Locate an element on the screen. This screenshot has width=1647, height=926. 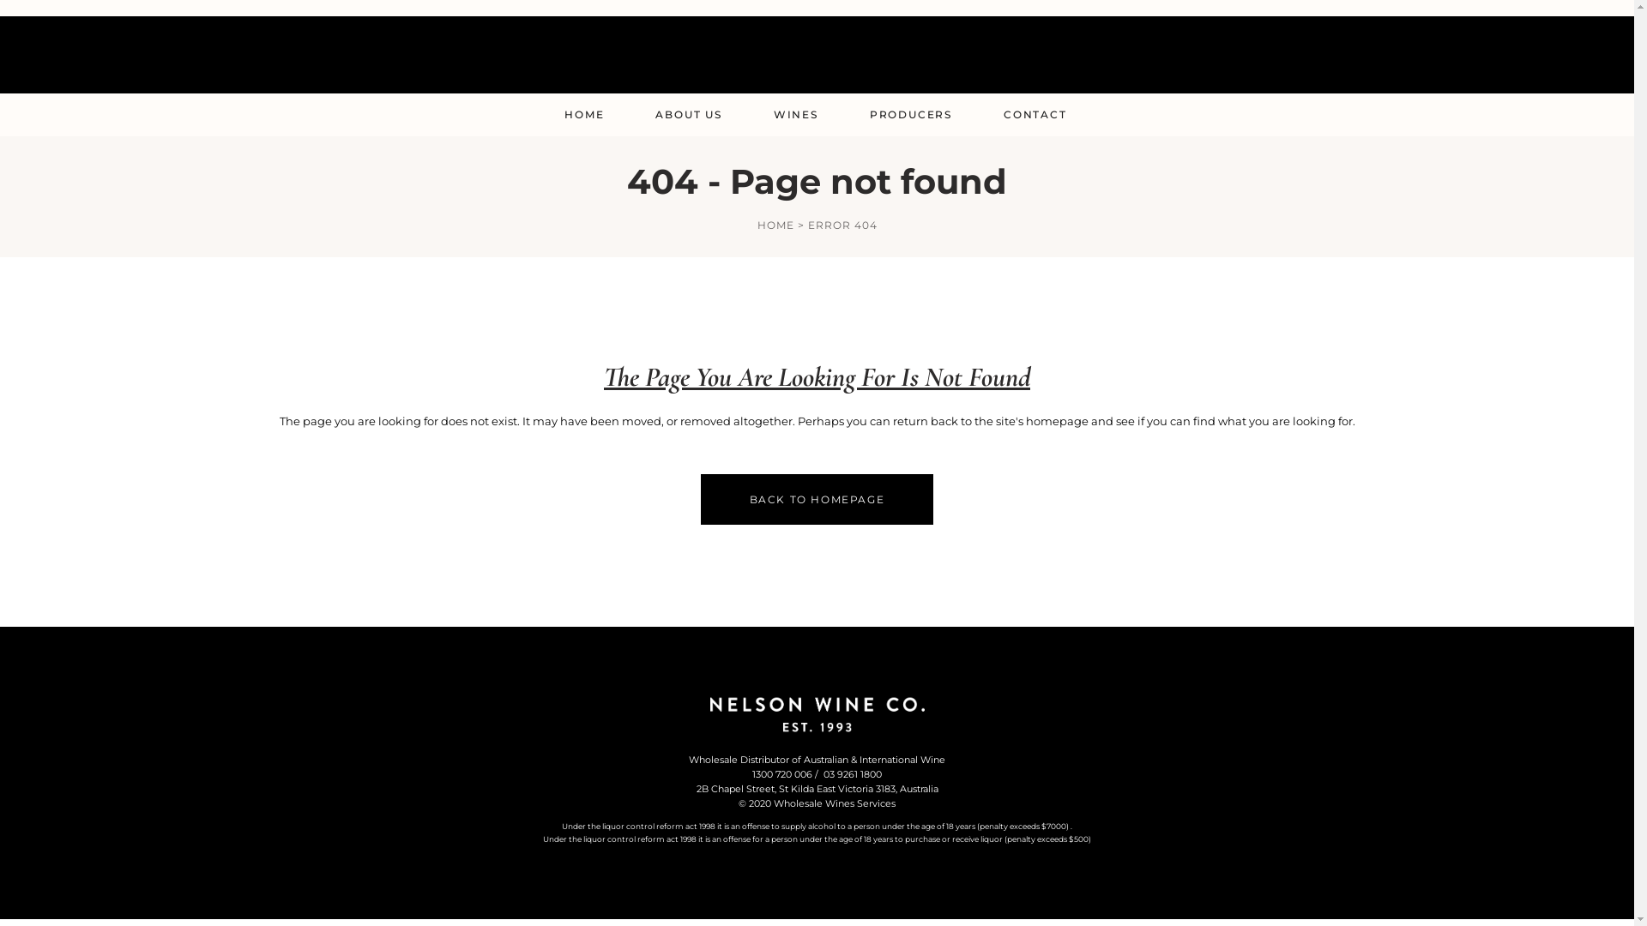
'BACK TO HOMEPAGE' is located at coordinates (817, 499).